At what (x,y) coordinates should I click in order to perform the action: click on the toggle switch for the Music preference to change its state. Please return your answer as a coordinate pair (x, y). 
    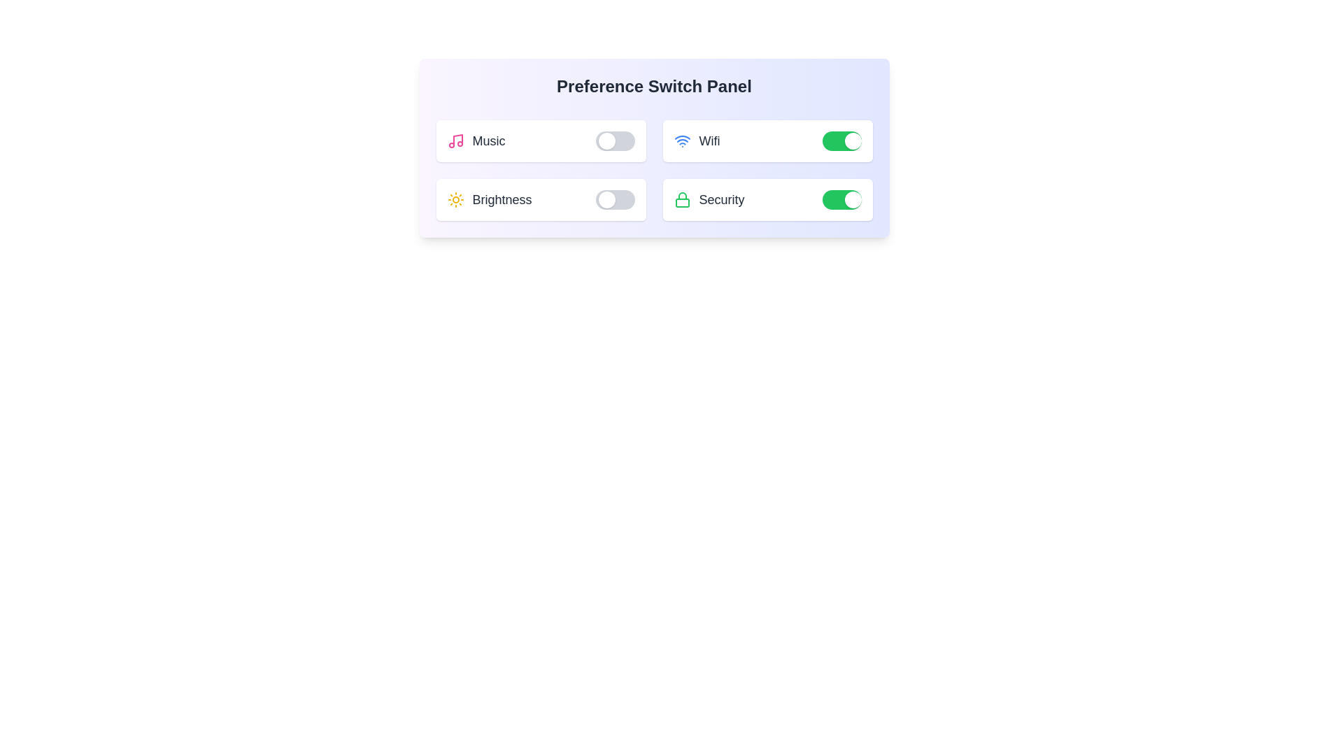
    Looking at the image, I should click on (615, 141).